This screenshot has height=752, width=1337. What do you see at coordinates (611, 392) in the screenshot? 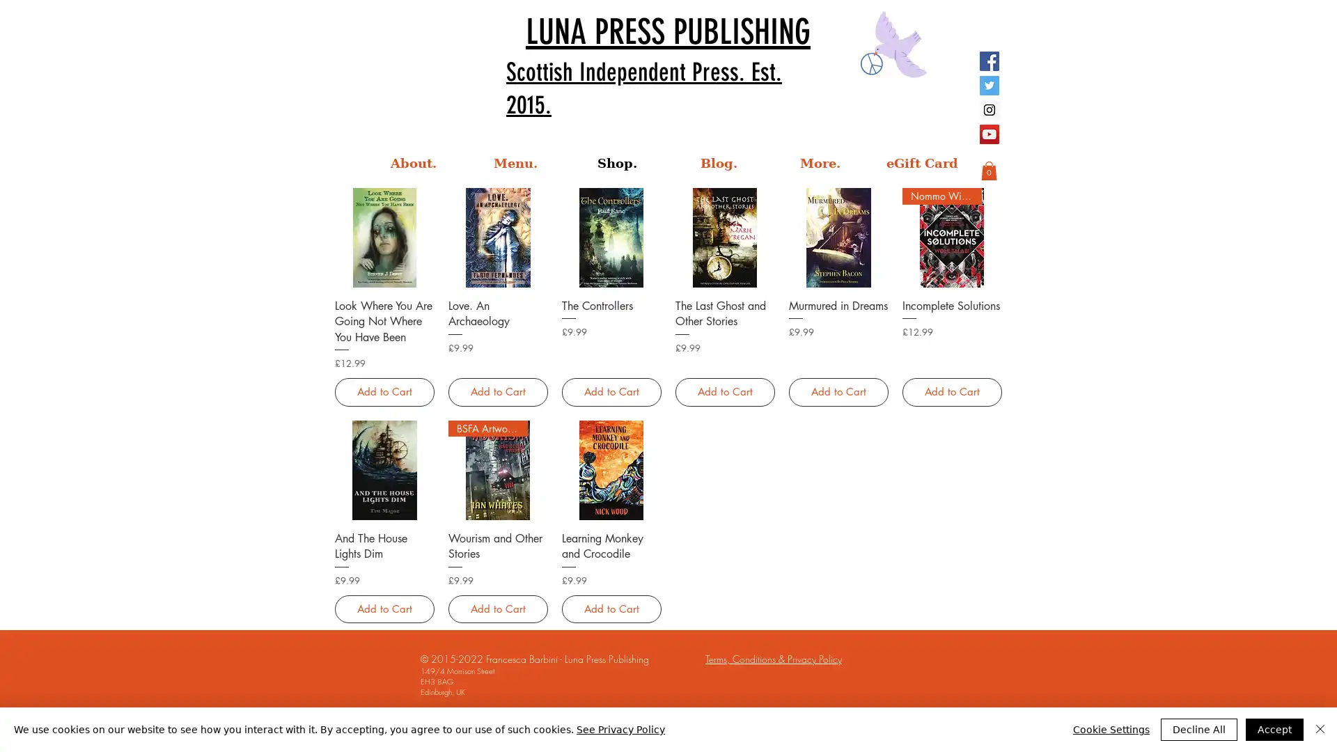
I see `Add to Cart` at bounding box center [611, 392].